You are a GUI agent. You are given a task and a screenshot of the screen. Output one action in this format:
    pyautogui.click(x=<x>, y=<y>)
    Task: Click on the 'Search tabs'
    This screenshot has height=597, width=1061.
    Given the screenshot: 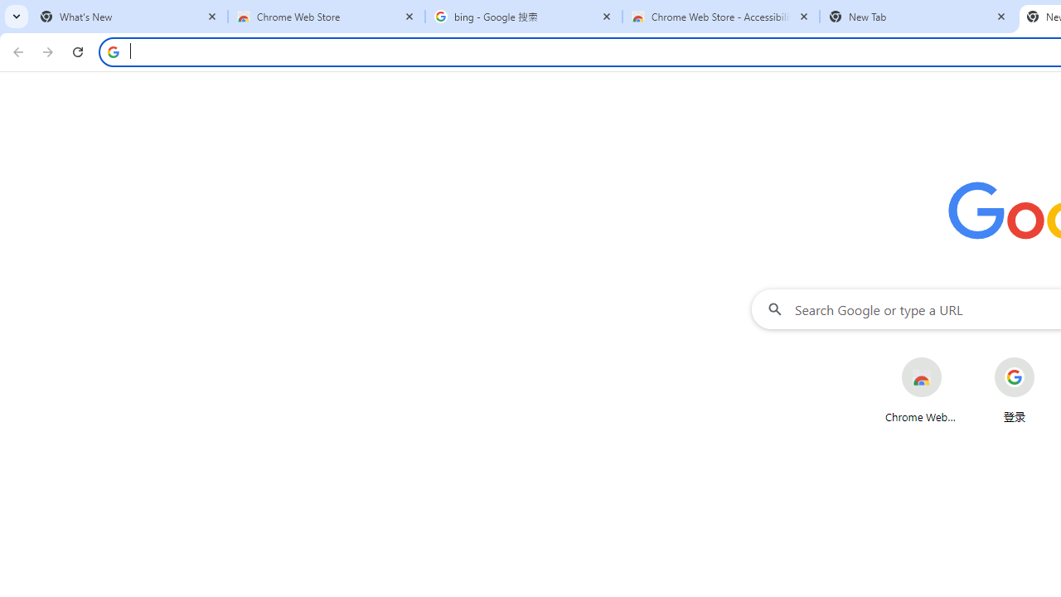 What is the action you would take?
    pyautogui.click(x=17, y=17)
    